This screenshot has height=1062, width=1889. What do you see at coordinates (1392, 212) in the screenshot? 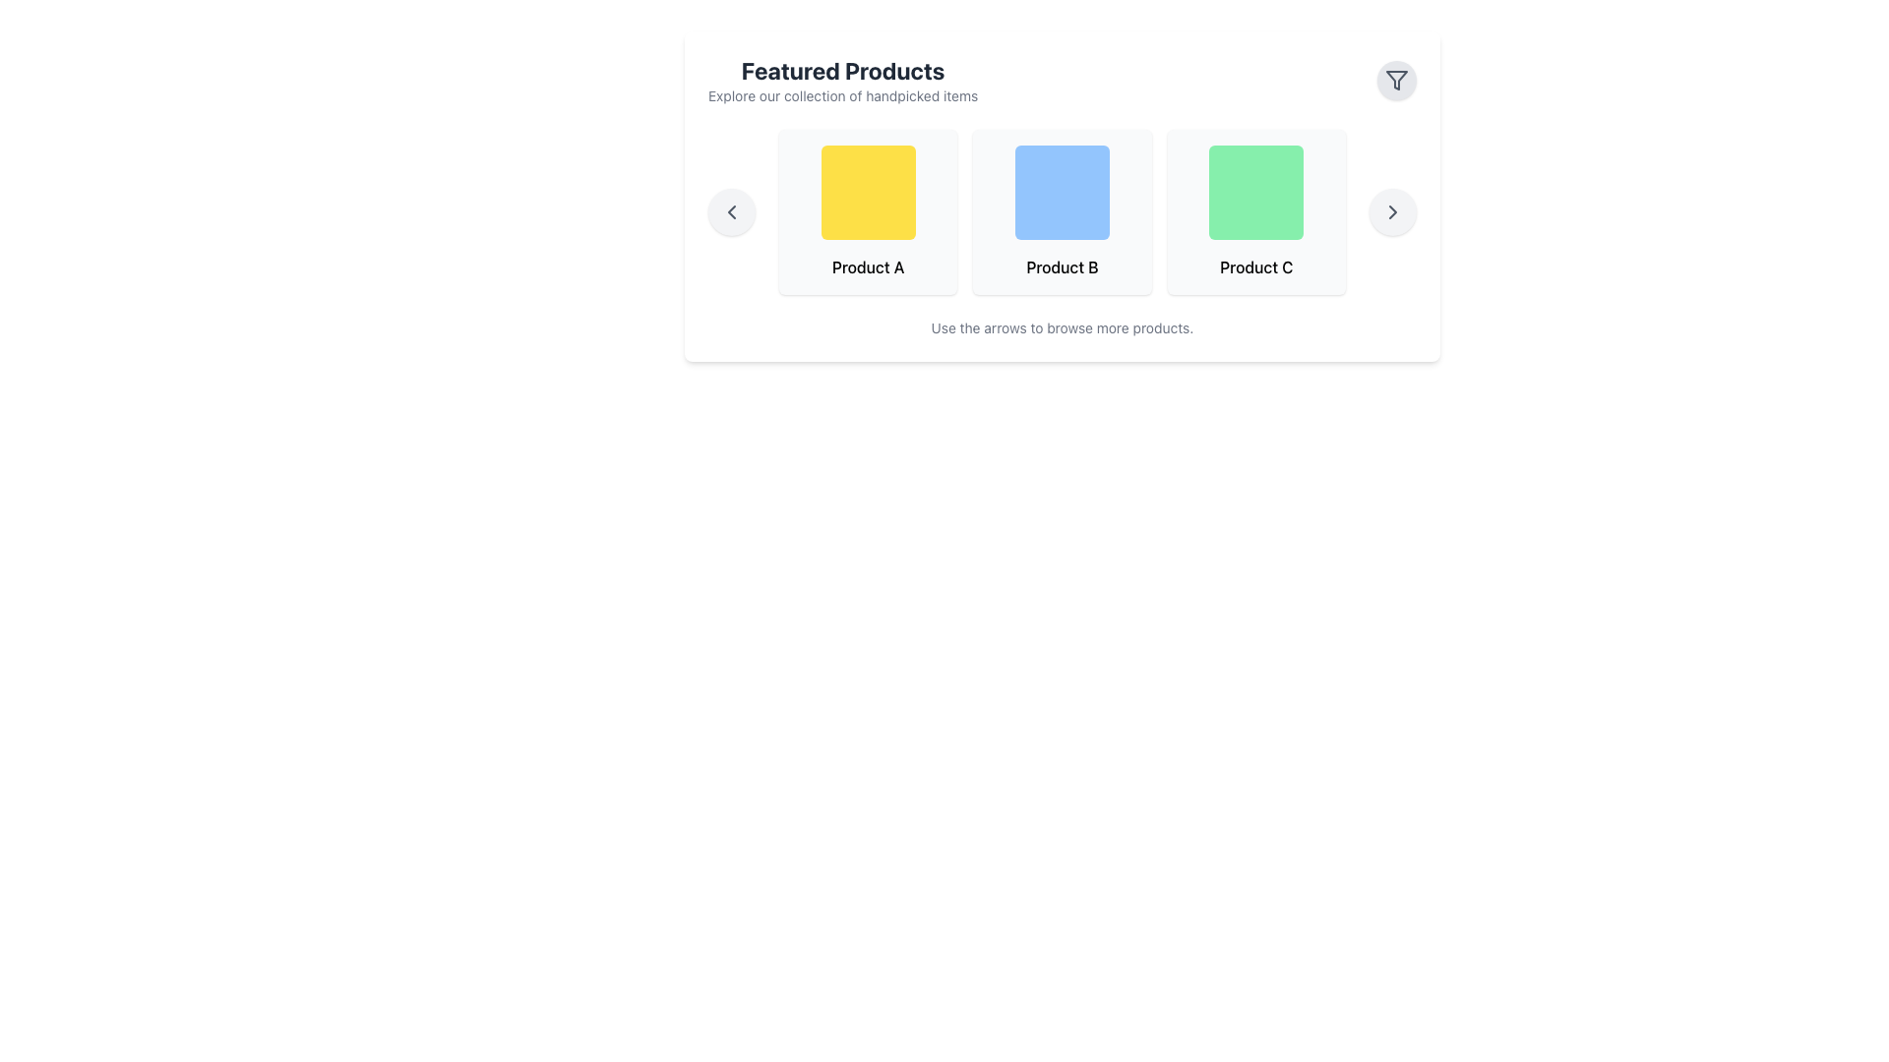
I see `the circular button with a light gray background and an arrow pointing to the right, located in the bottom-right region of the product listing interface to observe the shadow effect` at bounding box center [1392, 212].